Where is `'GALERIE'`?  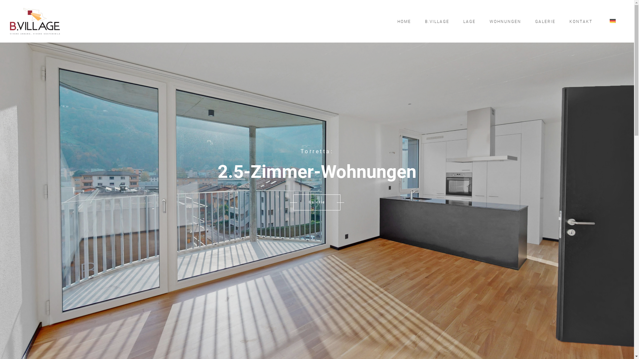
'GALERIE' is located at coordinates (545, 21).